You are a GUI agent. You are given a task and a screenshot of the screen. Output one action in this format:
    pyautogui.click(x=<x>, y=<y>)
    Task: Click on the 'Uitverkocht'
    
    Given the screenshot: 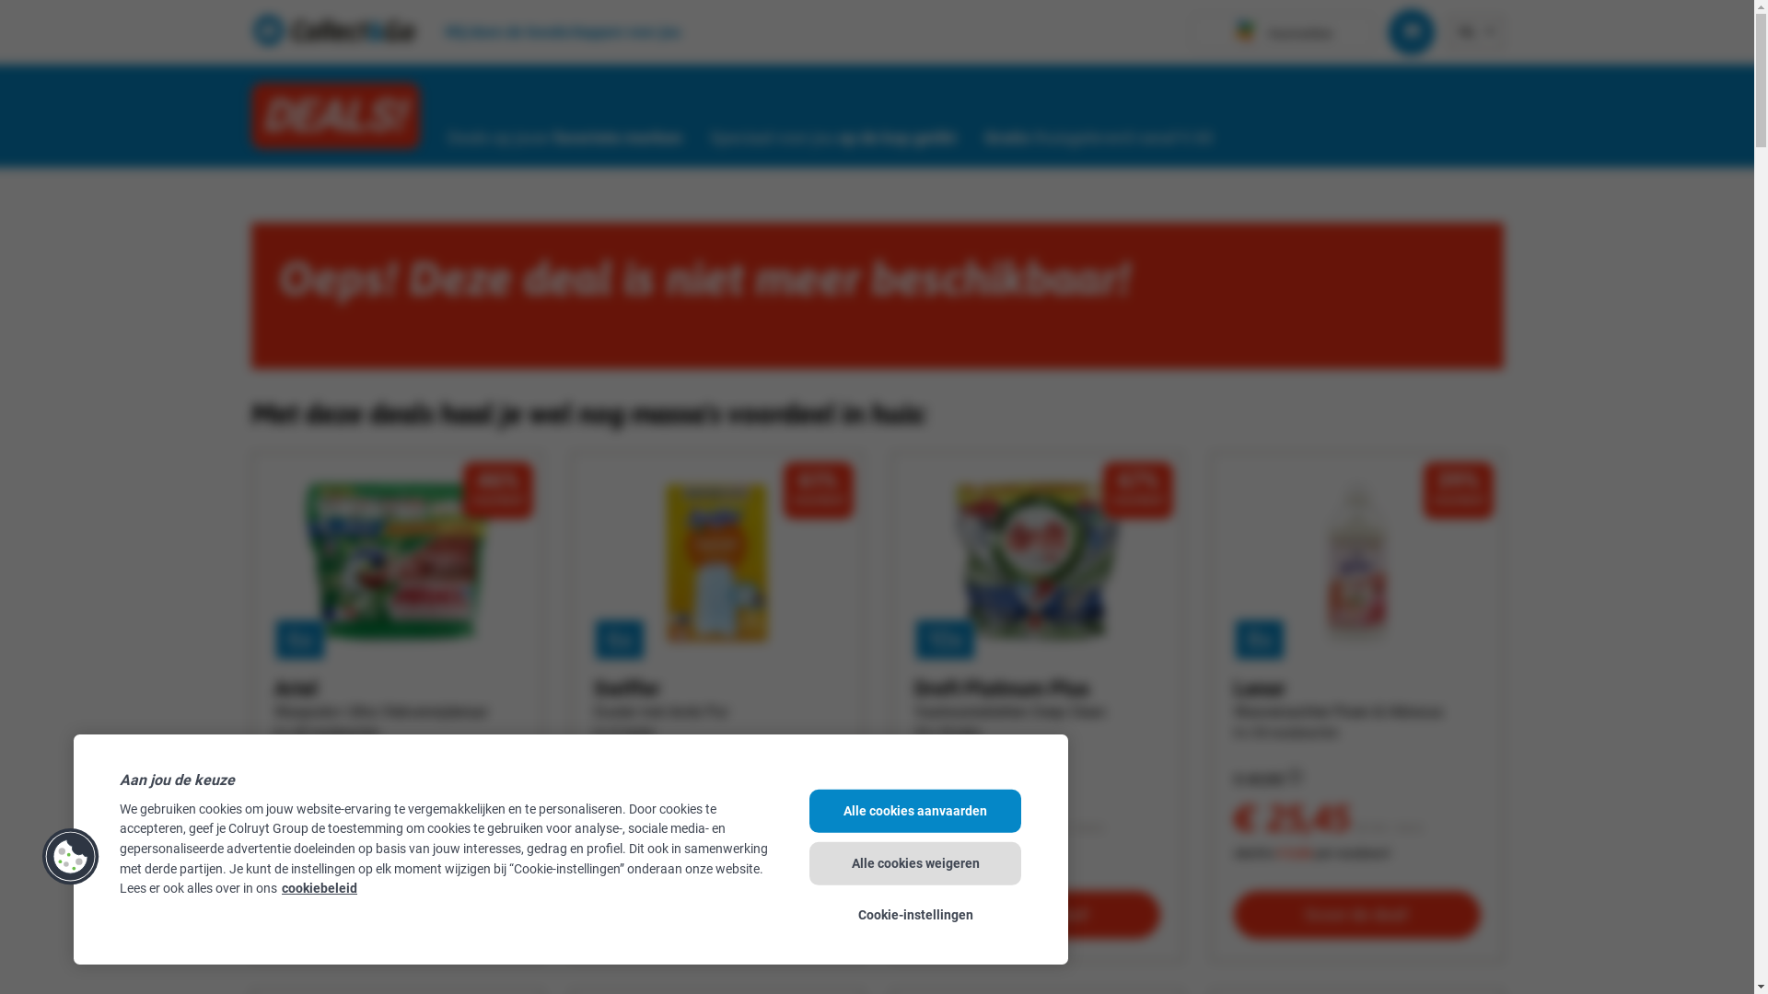 What is the action you would take?
    pyautogui.click(x=715, y=917)
    